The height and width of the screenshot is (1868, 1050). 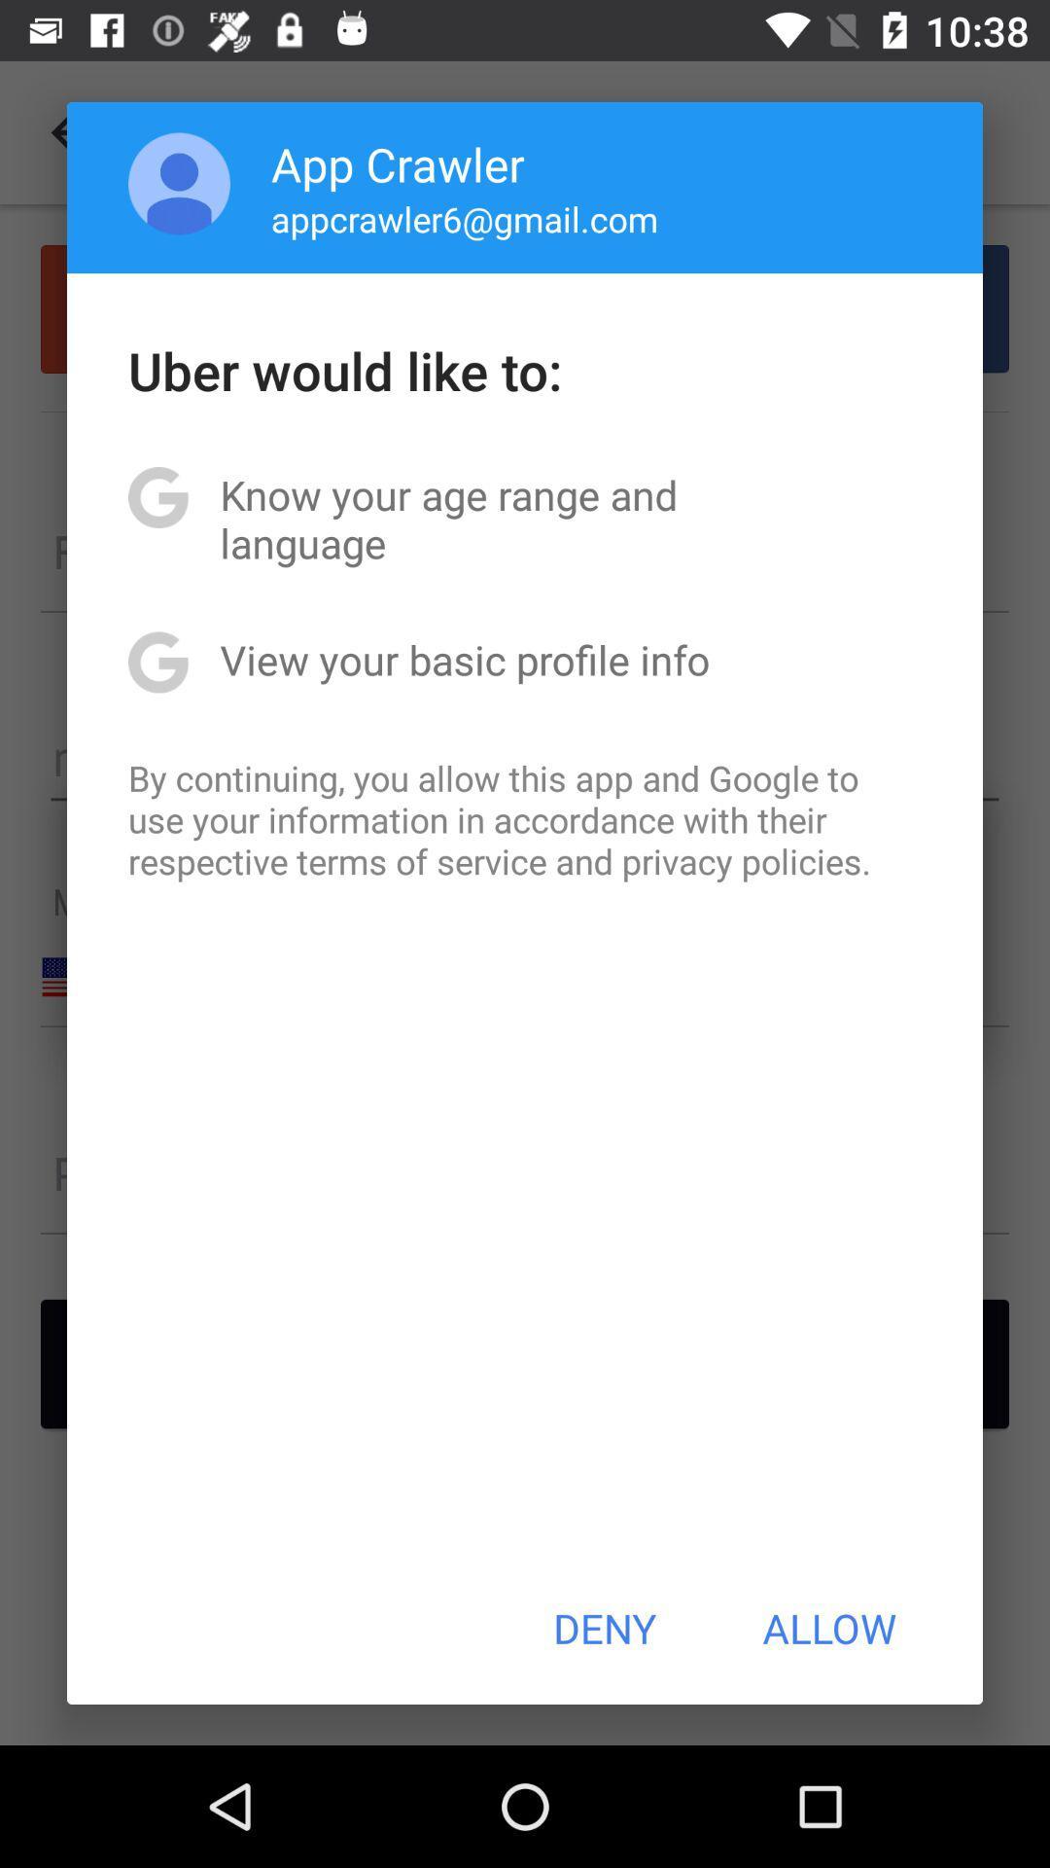 I want to click on the app below the know your age item, so click(x=465, y=659).